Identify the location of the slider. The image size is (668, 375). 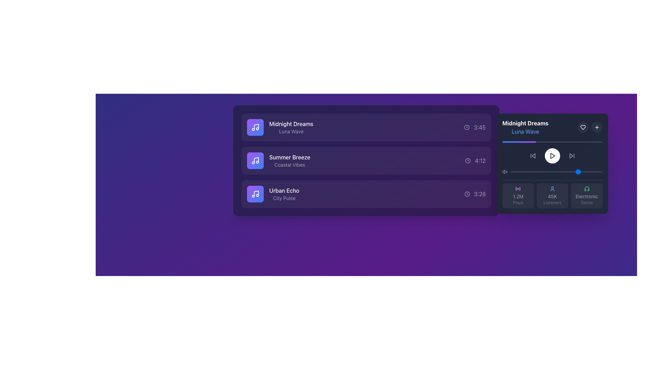
(601, 172).